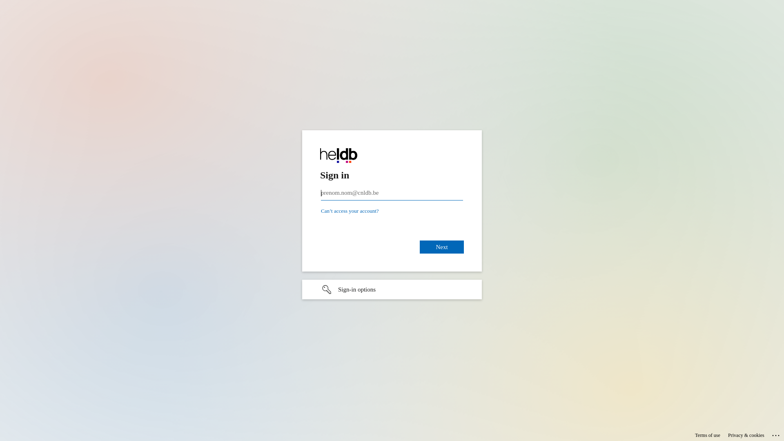 This screenshot has height=441, width=784. I want to click on '...', so click(776, 434).